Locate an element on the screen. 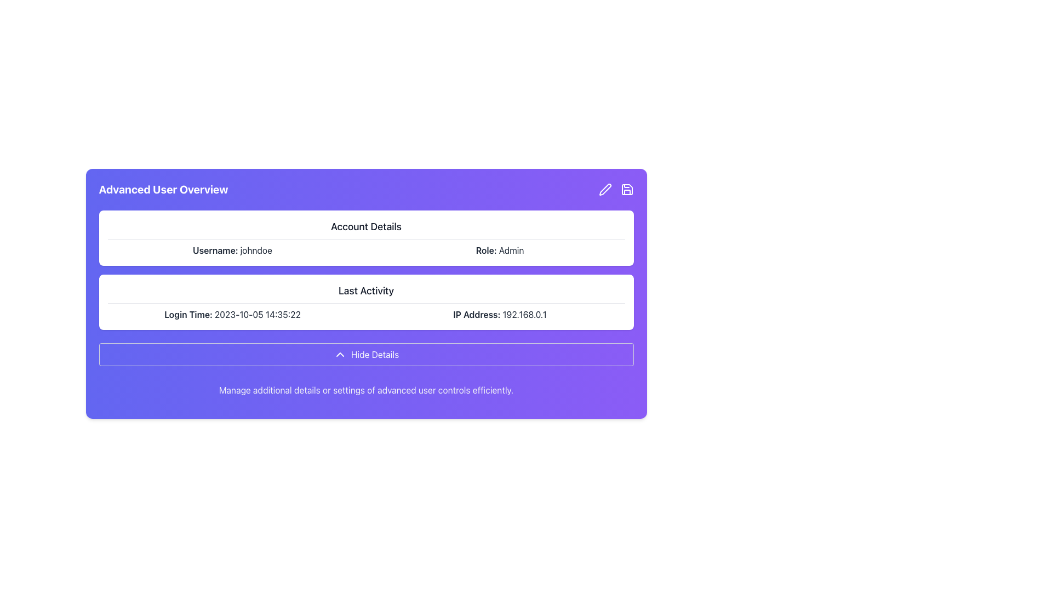 Image resolution: width=1052 pixels, height=592 pixels. the text element displaying 'johndoe' located next to the label 'Username:' in the 'Account Details' section is located at coordinates (255, 250).